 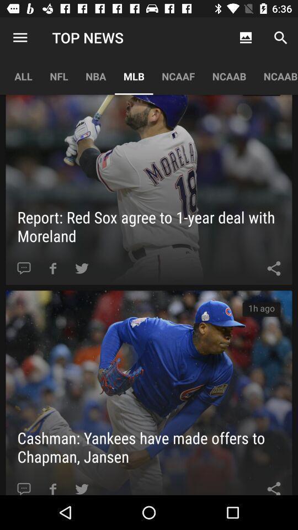 What do you see at coordinates (280, 38) in the screenshot?
I see `the icon above the ncaabbl` at bounding box center [280, 38].